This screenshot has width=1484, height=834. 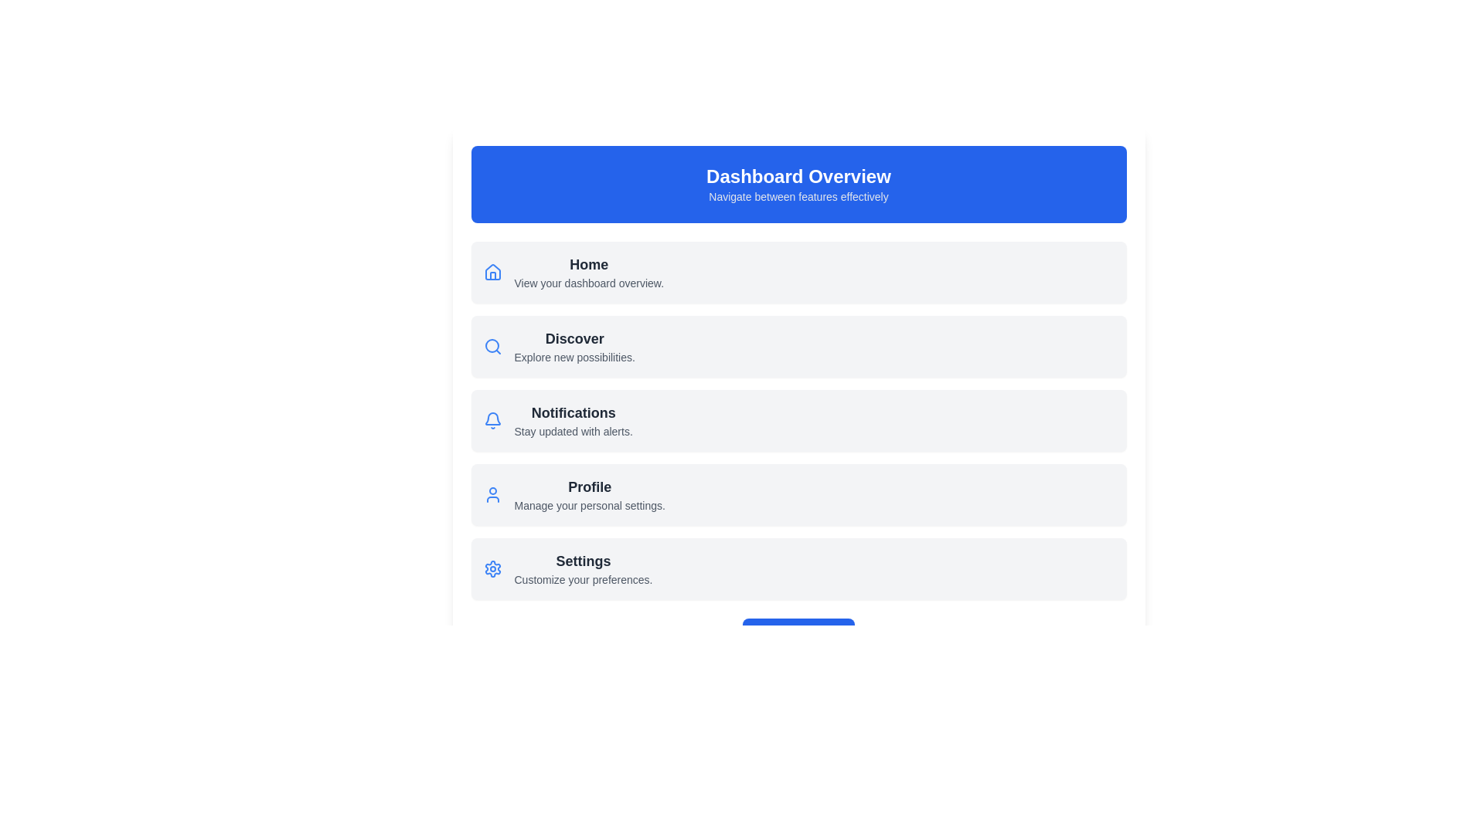 I want to click on the static graphical icon representing the settings option, which is a cogwheel or gear located at the bottom of the interface, specifically in the 'Settings' list option, so click(x=492, y=568).